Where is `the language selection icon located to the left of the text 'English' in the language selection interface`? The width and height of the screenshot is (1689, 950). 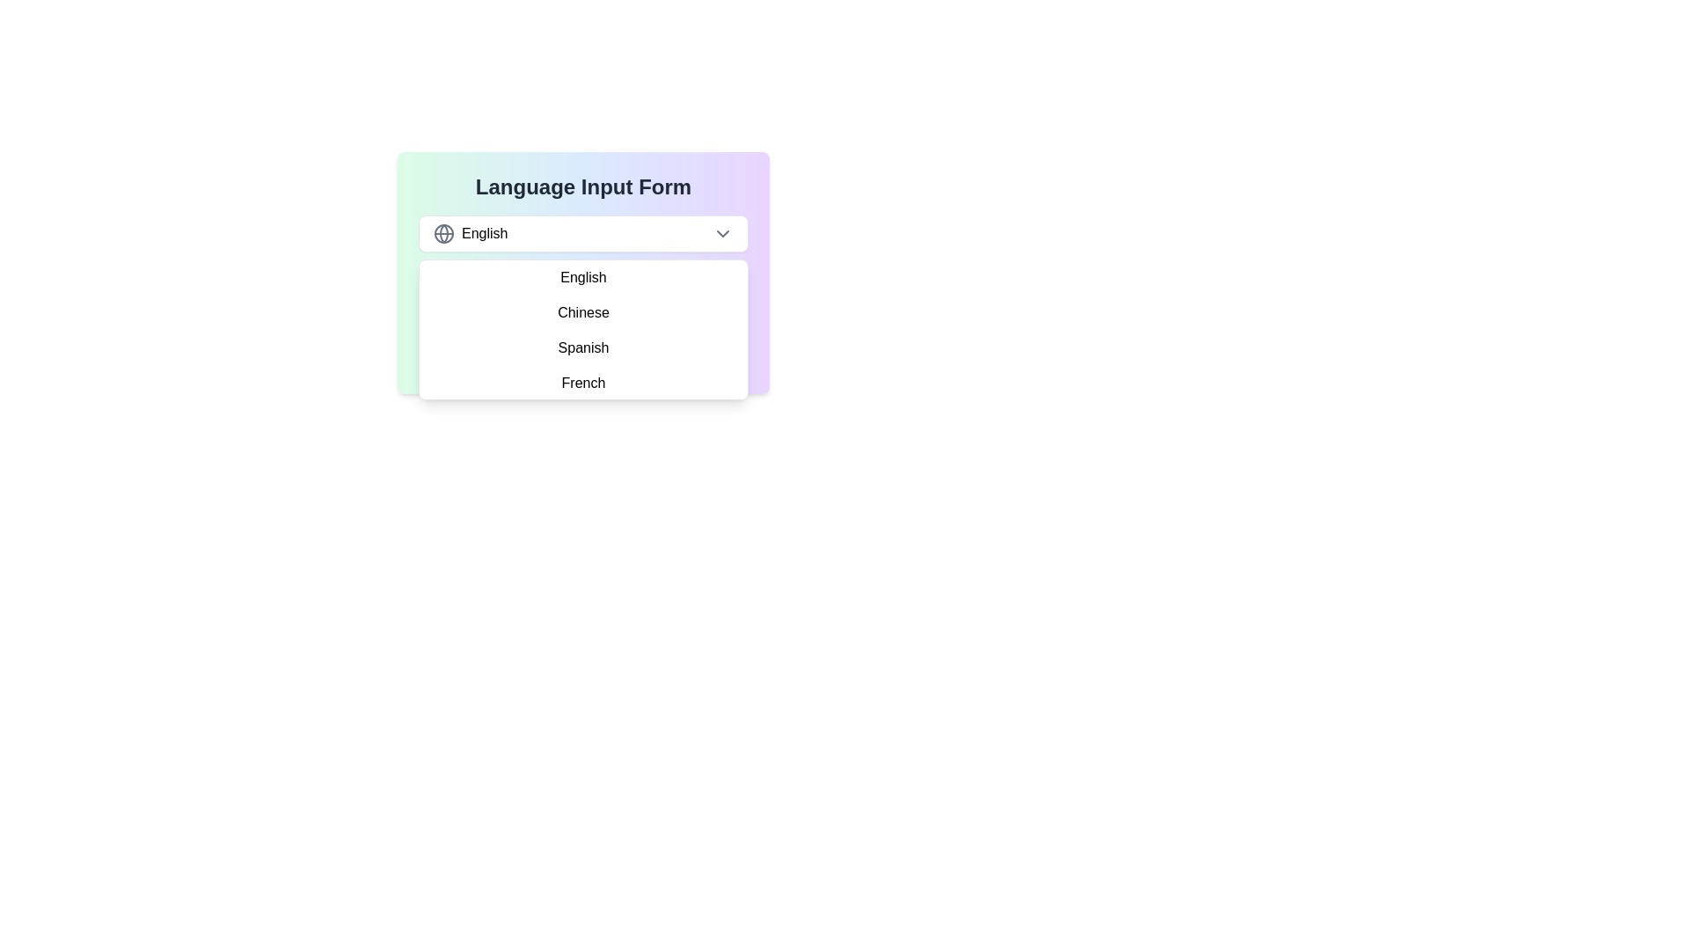 the language selection icon located to the left of the text 'English' in the language selection interface is located at coordinates (443, 233).